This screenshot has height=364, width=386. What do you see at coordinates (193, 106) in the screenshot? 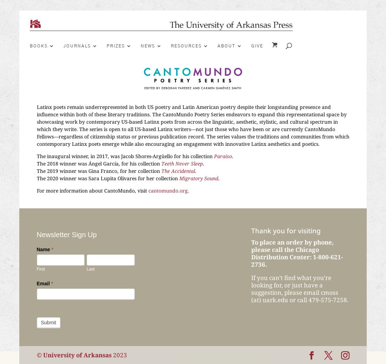
I see `'Media'` at bounding box center [193, 106].